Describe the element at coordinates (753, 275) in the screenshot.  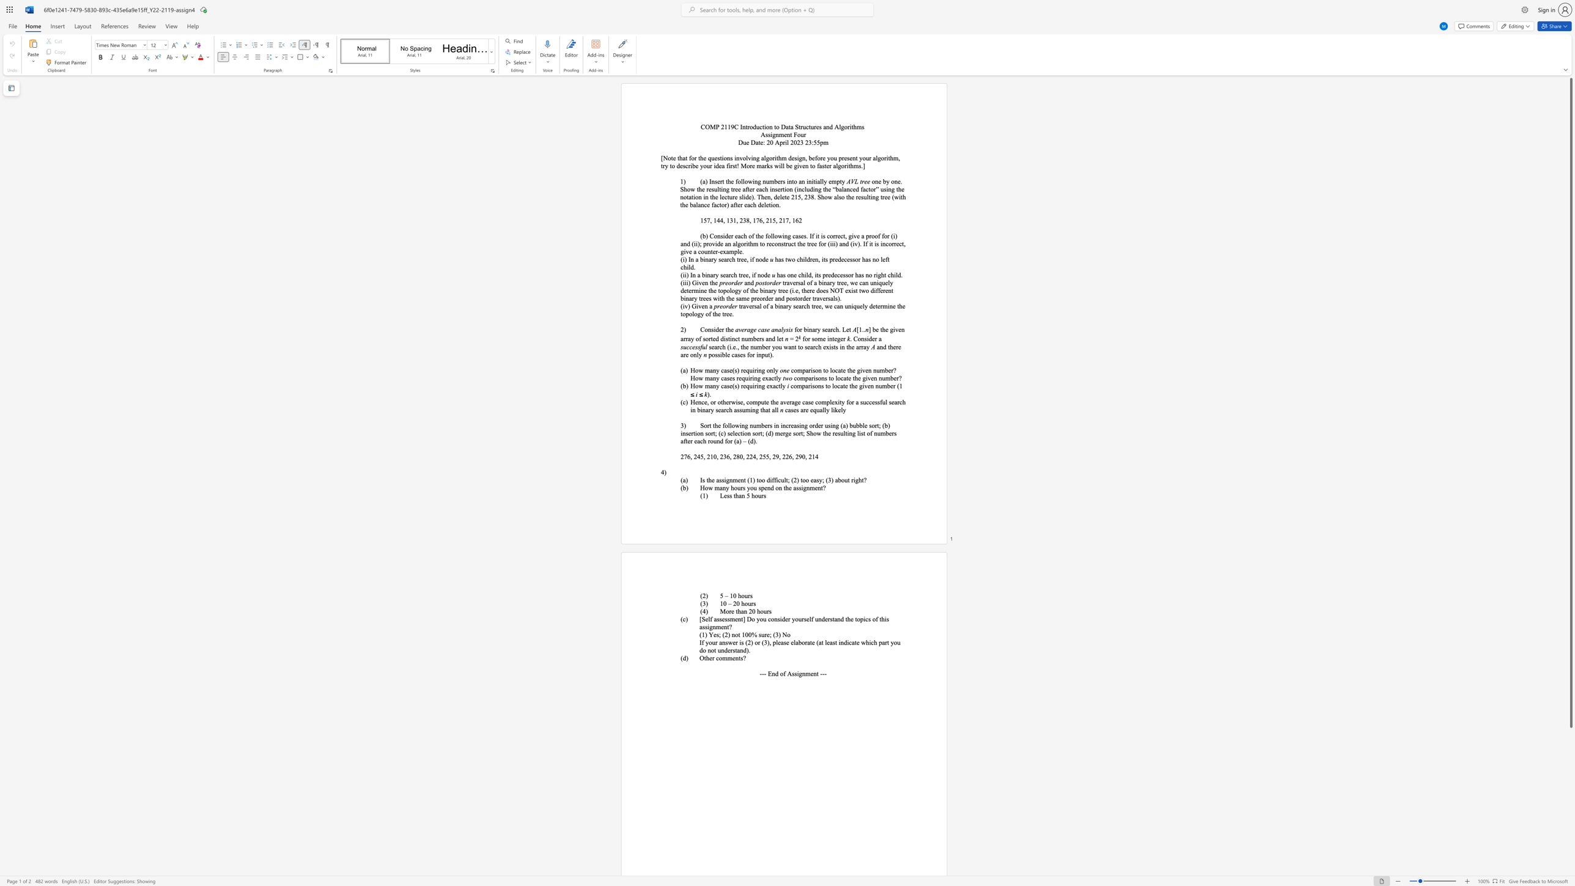
I see `the 4th character "i" in the text` at that location.